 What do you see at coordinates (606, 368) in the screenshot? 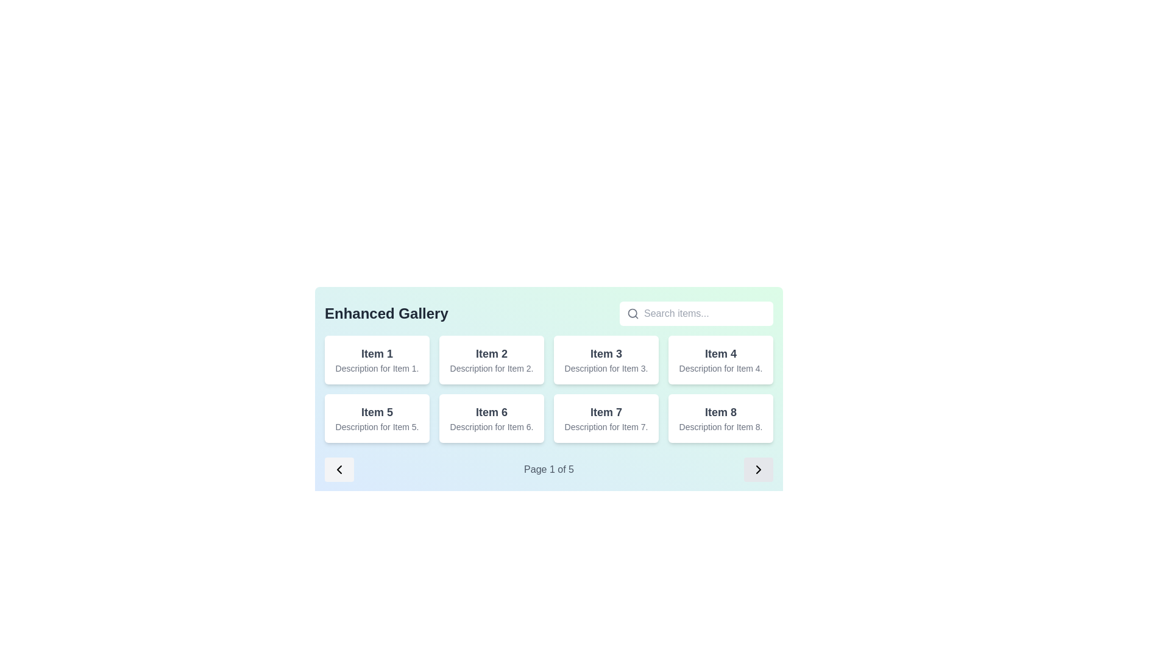
I see `the descriptive text label located within the card labeled 'Item 3', positioned in the third column of the first row of an 8-card grid layout, to trigger potential hover effects` at bounding box center [606, 368].